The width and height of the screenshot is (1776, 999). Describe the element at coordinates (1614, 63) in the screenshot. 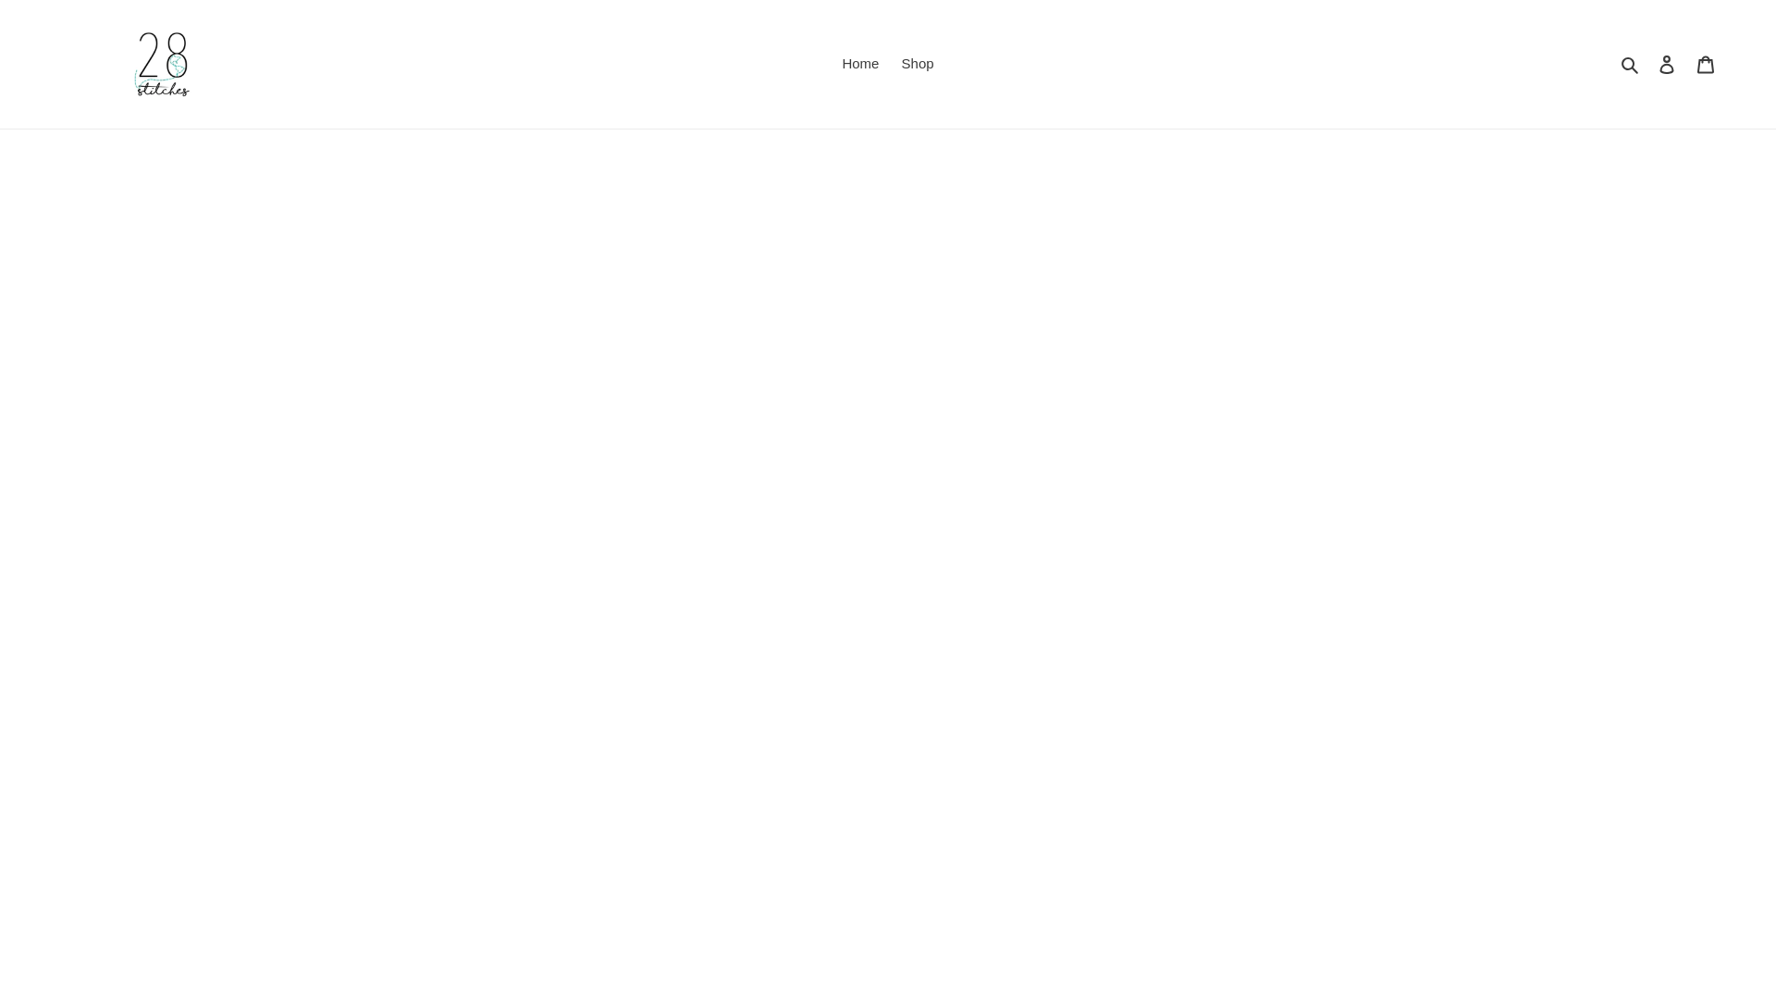

I see `'Search'` at that location.